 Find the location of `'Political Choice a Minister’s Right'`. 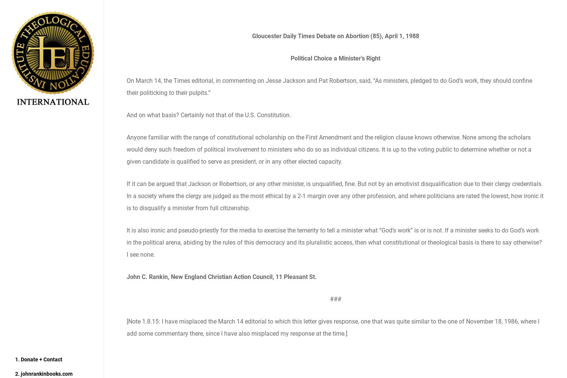

'Political Choice a Minister’s Right' is located at coordinates (335, 58).